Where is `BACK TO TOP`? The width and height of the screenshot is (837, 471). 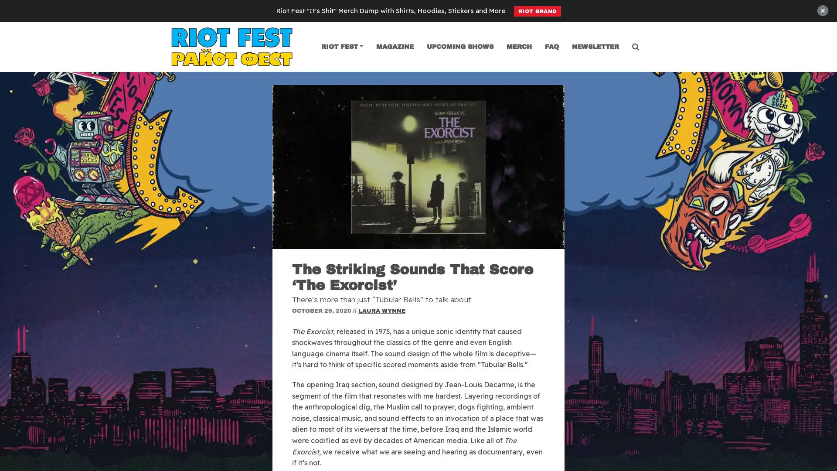
BACK TO TOP is located at coordinates (821, 413).